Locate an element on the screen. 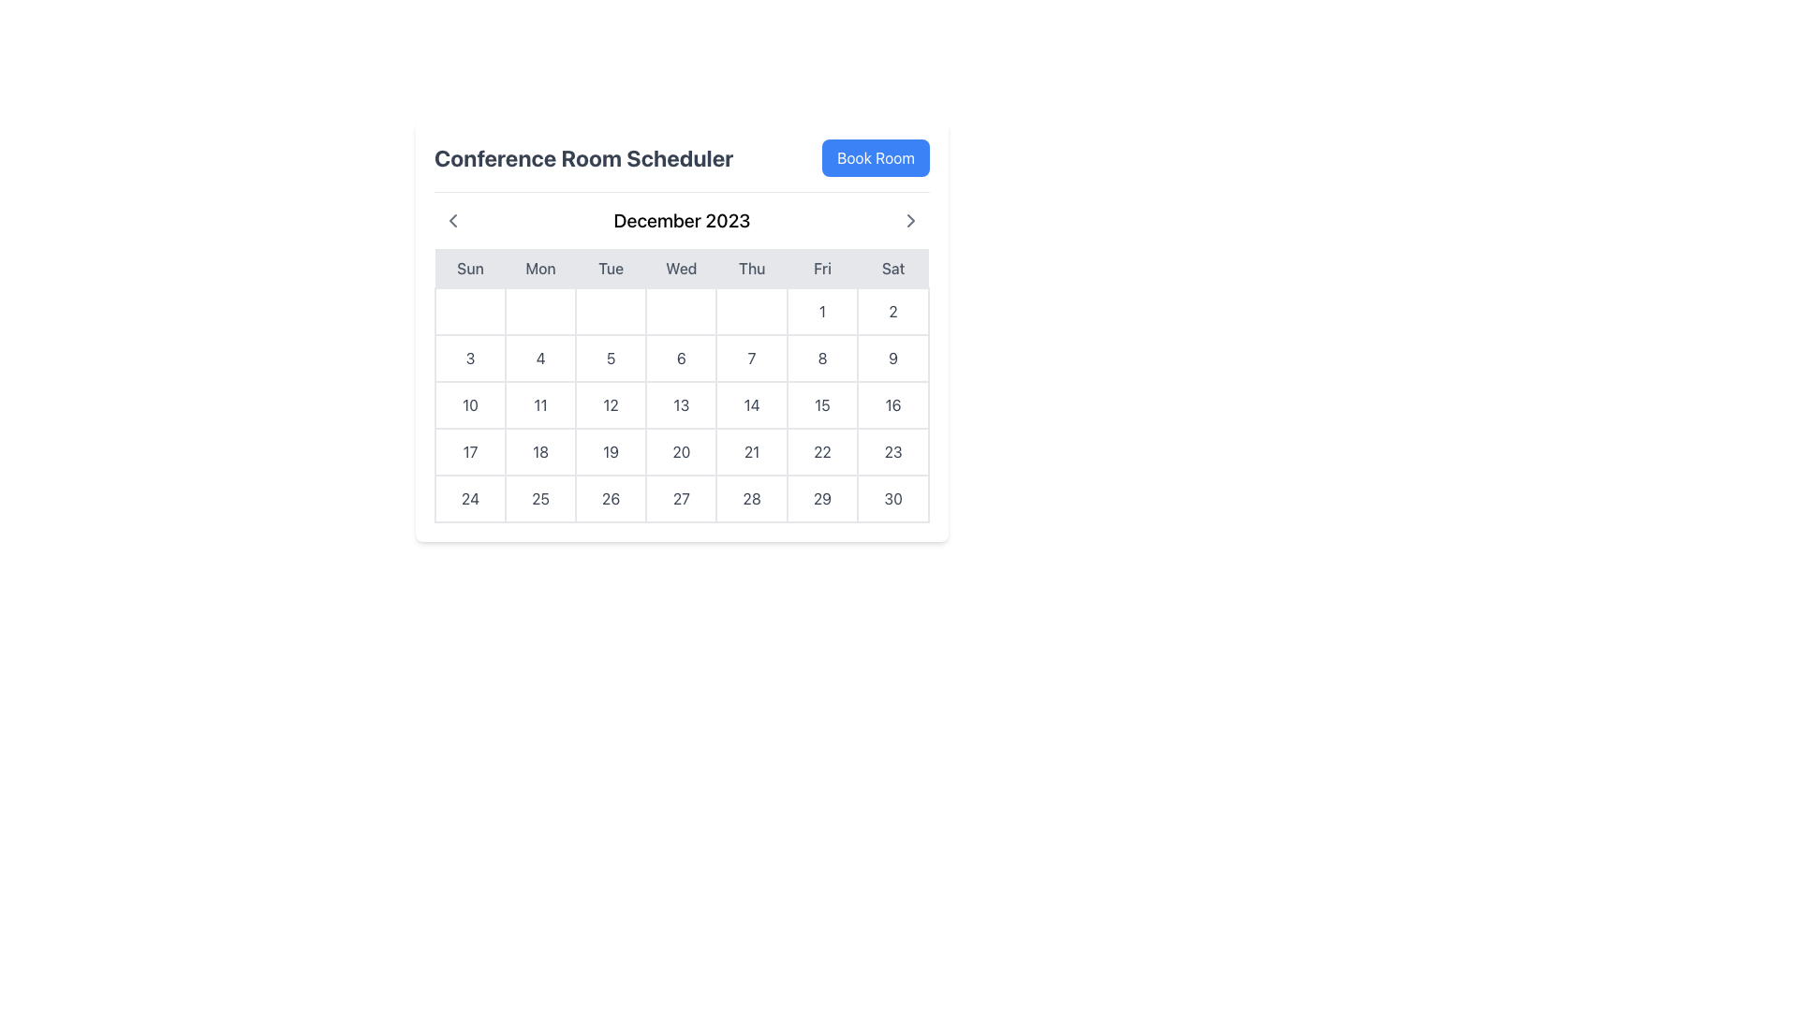 This screenshot has height=1011, width=1798. the Static header row of the calendar that labels the days of the week for December 2023 is located at coordinates (681, 269).